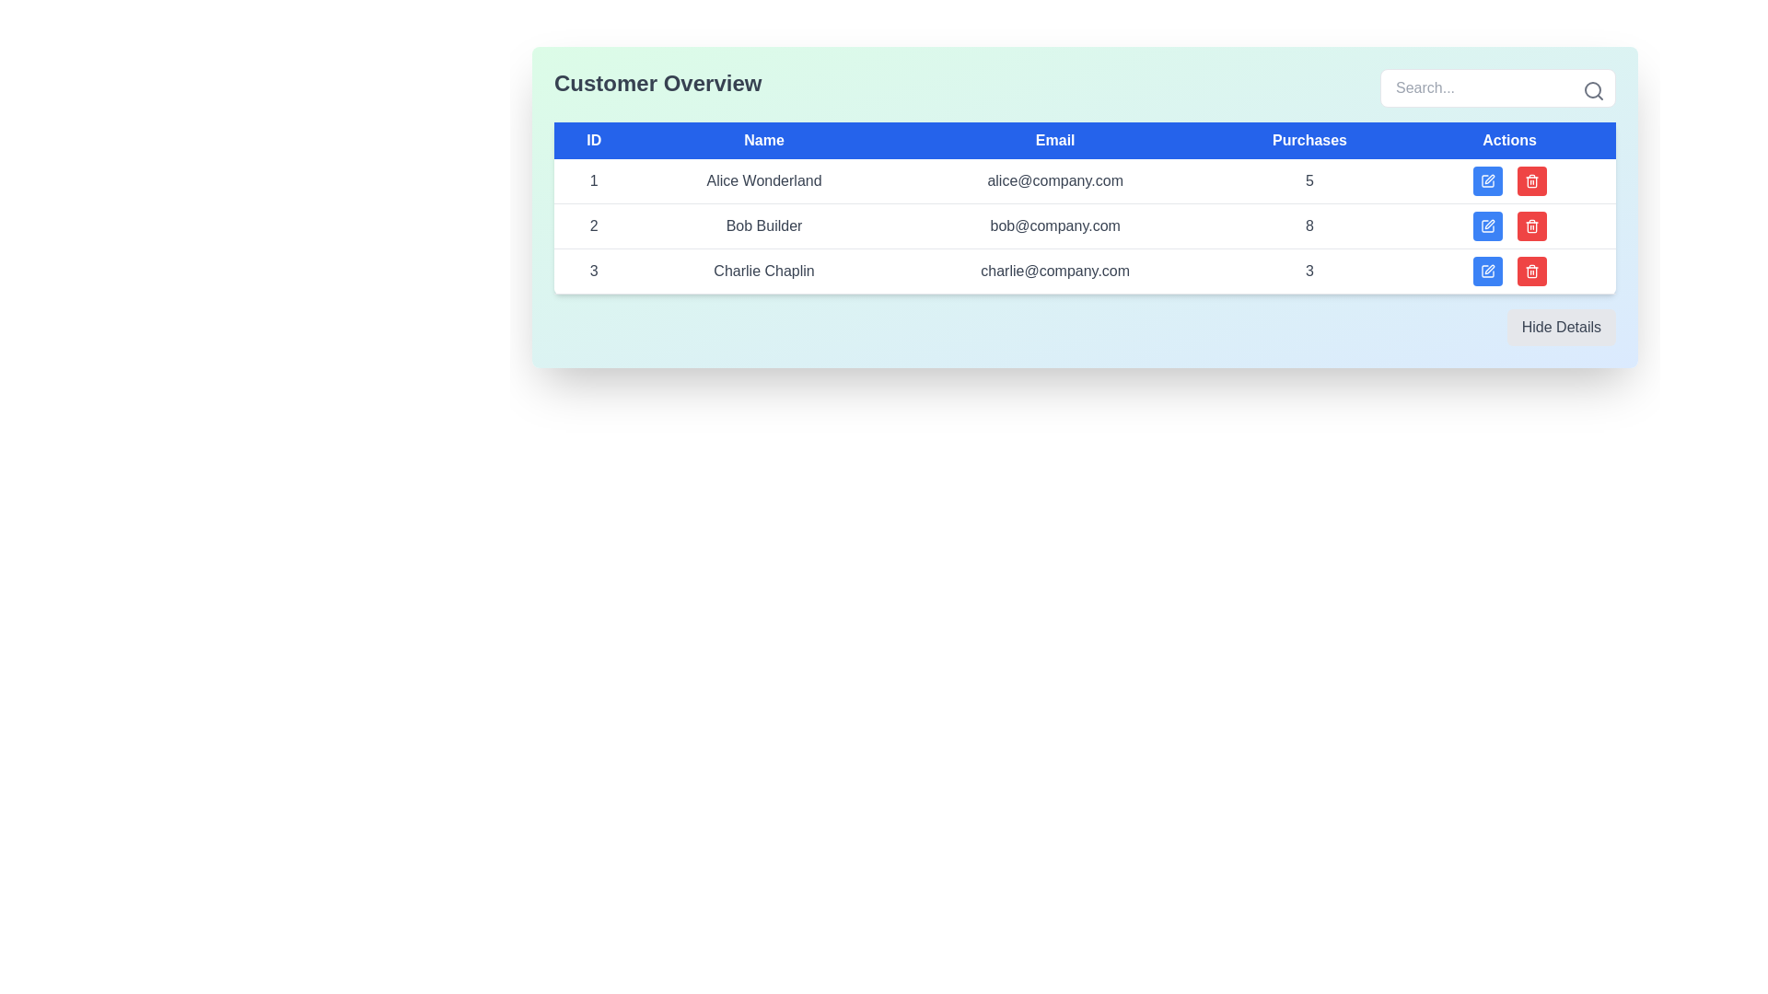 Image resolution: width=1768 pixels, height=994 pixels. I want to click on the decorative icon part of the trash bin located in the 'Actions' column of the last row in the table, so click(1531, 226).